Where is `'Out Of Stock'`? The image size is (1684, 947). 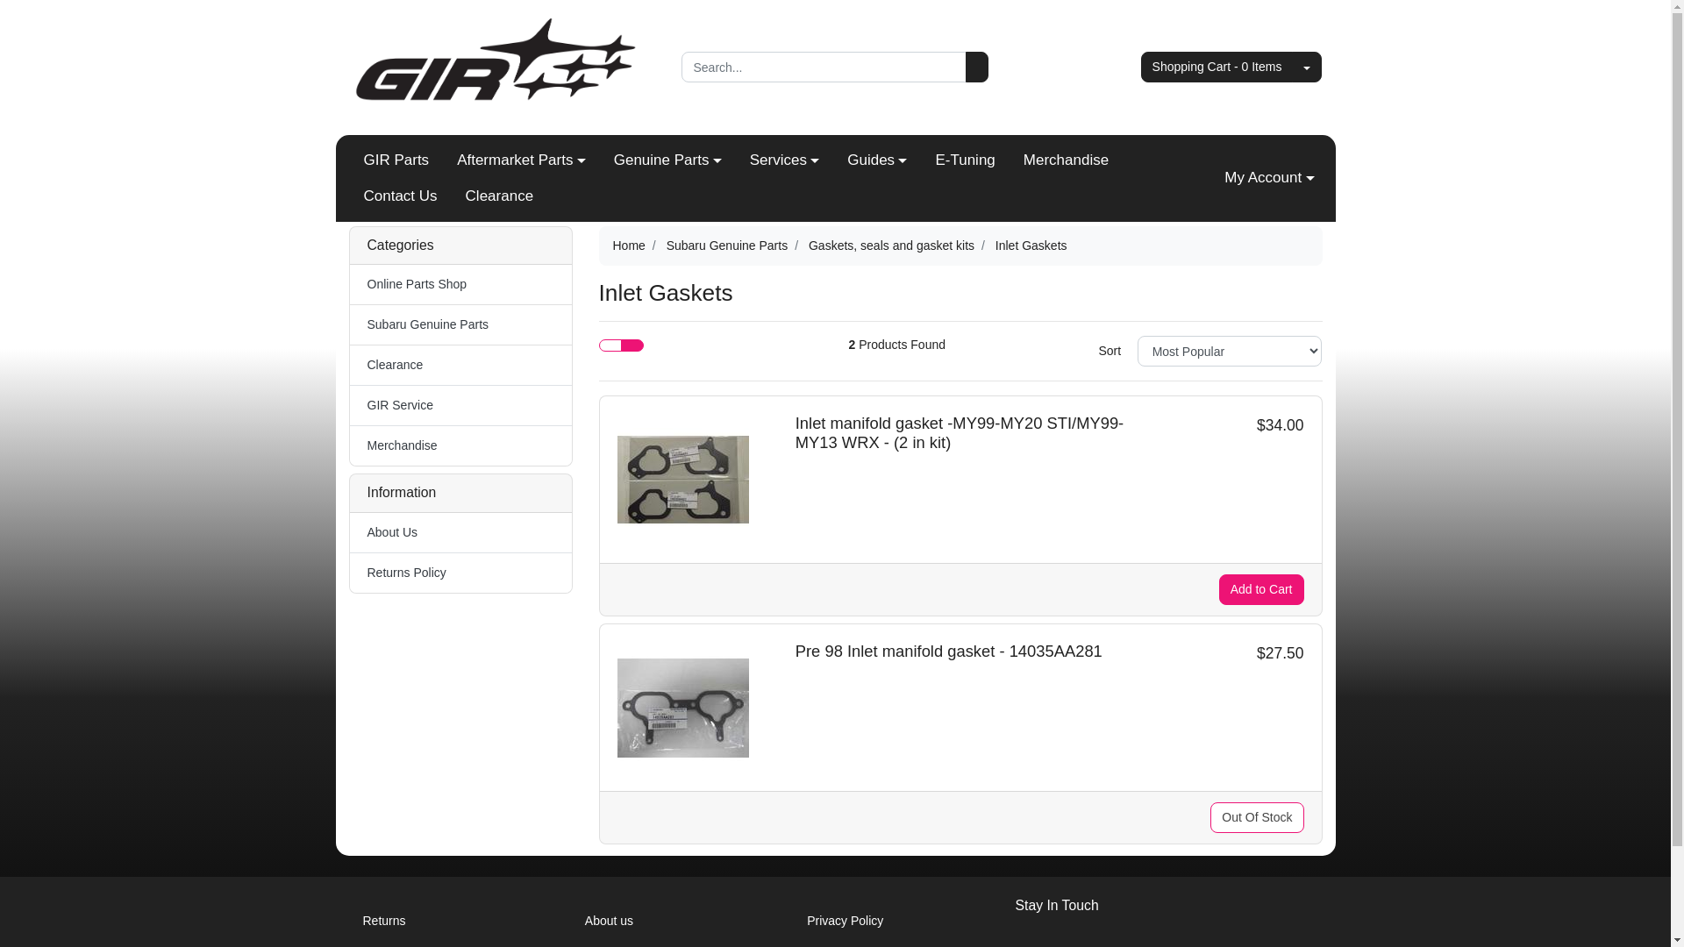 'Out Of Stock' is located at coordinates (1256, 817).